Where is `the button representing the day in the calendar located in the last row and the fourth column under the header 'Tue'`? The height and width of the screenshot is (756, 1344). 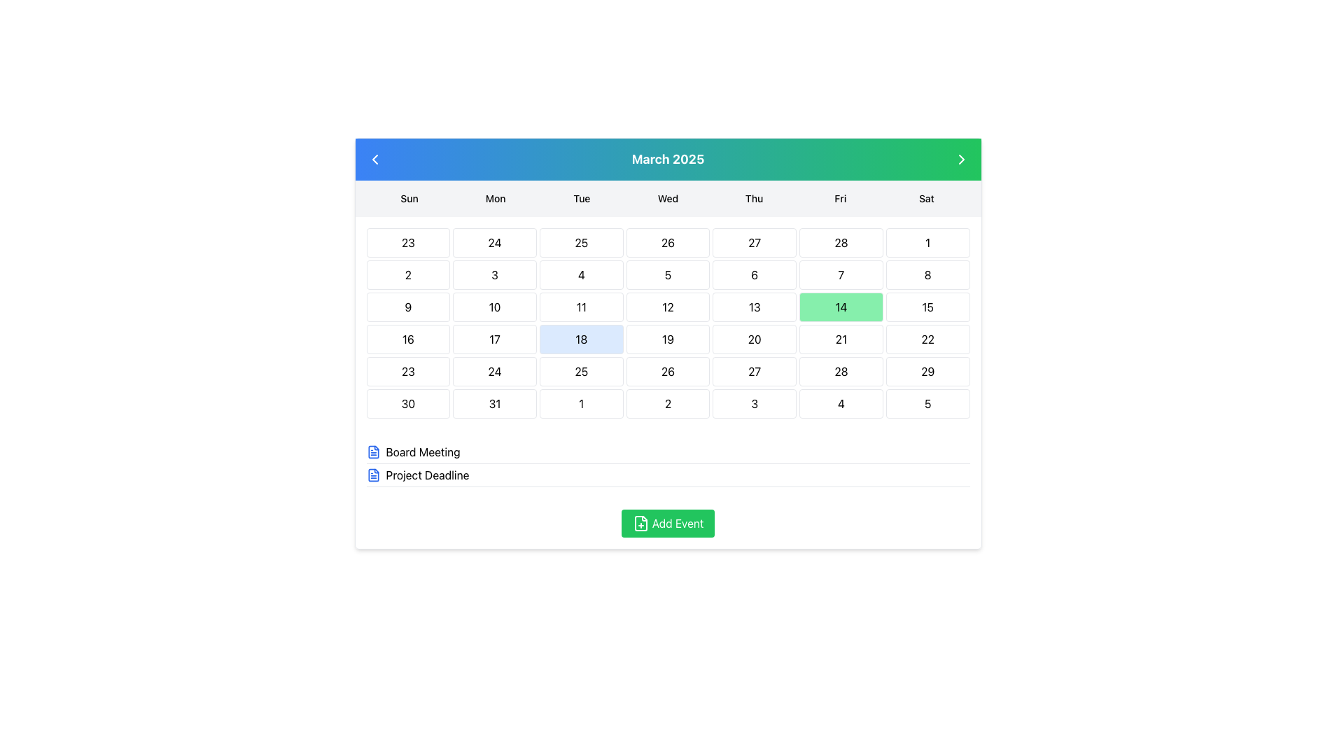
the button representing the day in the calendar located in the last row and the fourth column under the header 'Tue' is located at coordinates (581, 404).